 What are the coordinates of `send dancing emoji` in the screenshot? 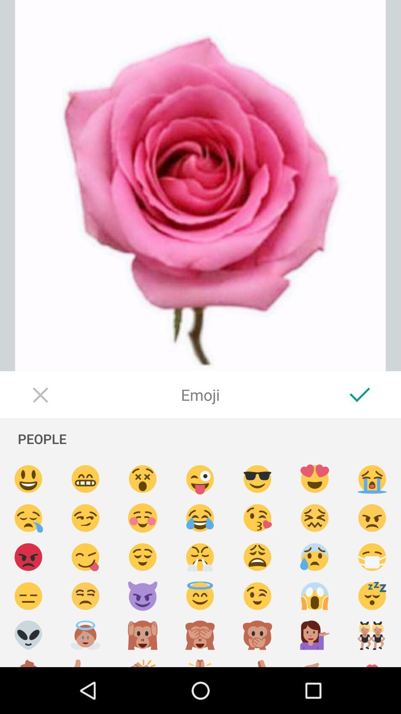 It's located at (372, 635).